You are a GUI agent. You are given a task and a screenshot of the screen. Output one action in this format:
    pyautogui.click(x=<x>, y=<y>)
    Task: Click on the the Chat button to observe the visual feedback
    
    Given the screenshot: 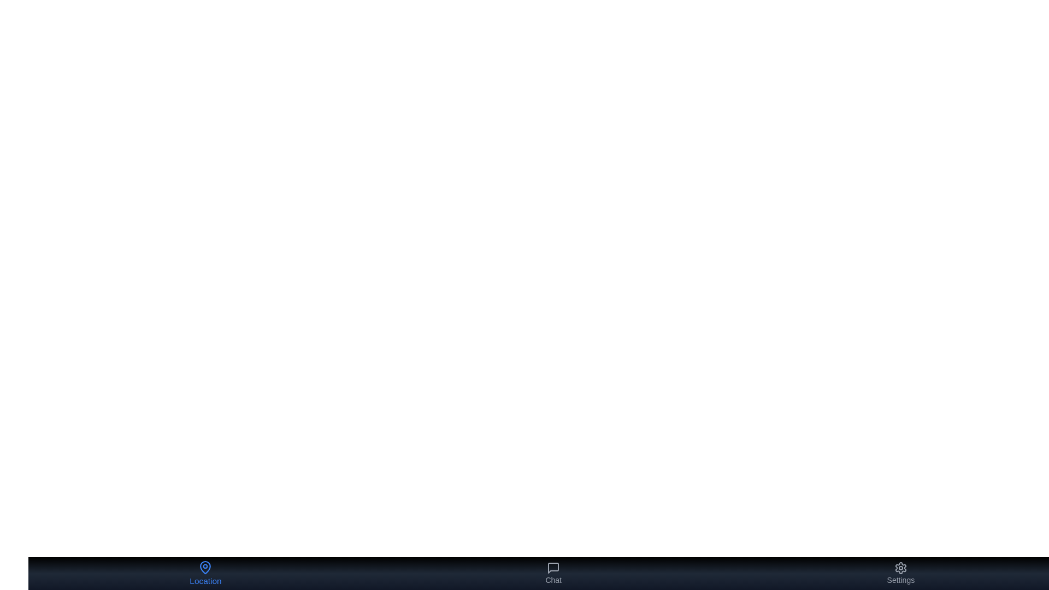 What is the action you would take?
    pyautogui.click(x=553, y=573)
    